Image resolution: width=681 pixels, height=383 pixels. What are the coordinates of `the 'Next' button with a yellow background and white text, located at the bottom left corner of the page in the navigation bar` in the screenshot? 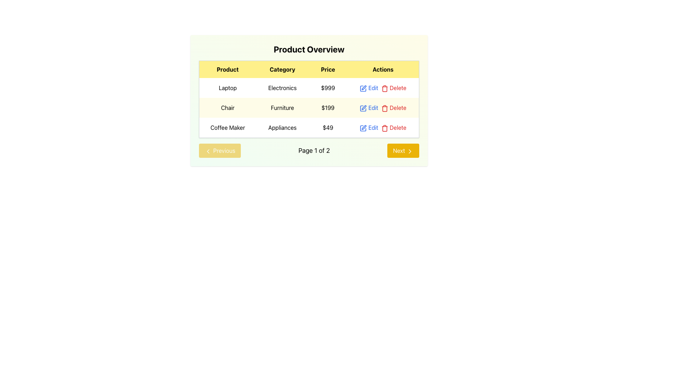 It's located at (403, 150).